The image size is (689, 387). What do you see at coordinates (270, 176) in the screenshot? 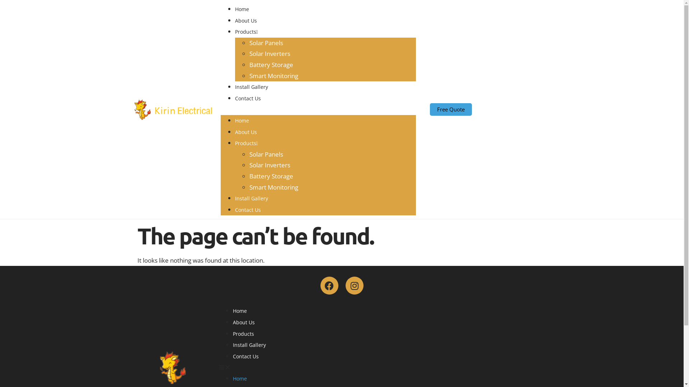
I see `'Battery Storage'` at bounding box center [270, 176].